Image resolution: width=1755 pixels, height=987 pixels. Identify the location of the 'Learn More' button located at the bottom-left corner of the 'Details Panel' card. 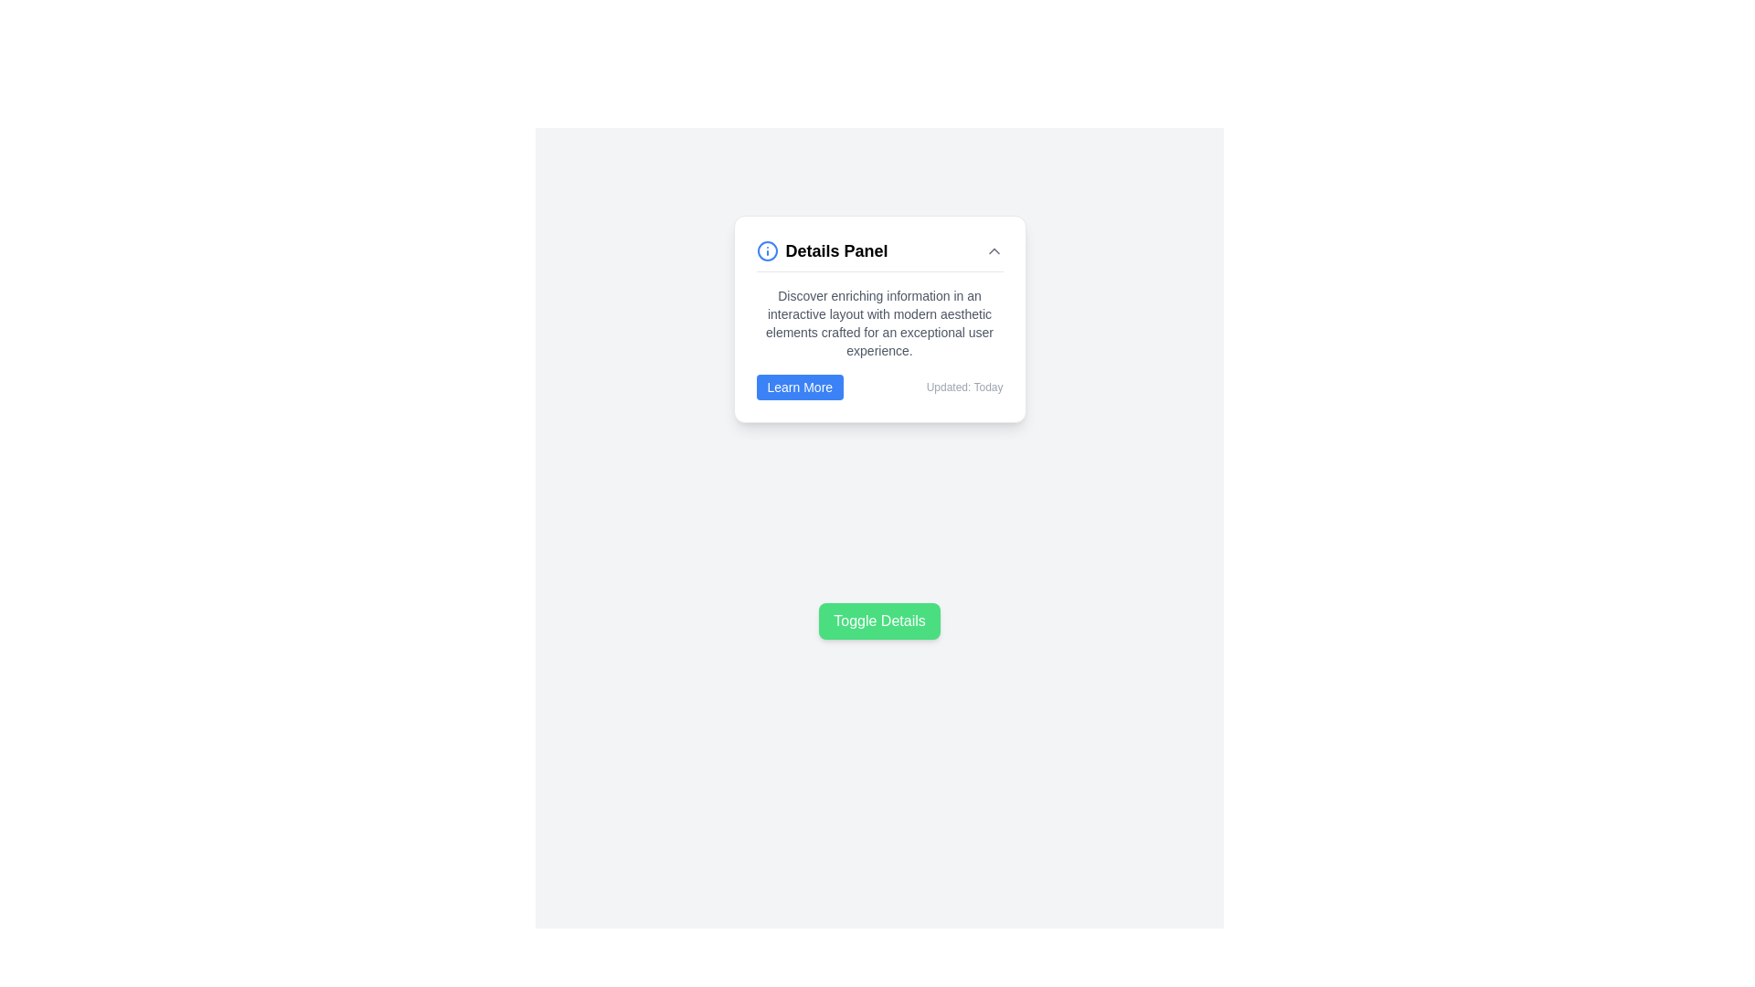
(800, 387).